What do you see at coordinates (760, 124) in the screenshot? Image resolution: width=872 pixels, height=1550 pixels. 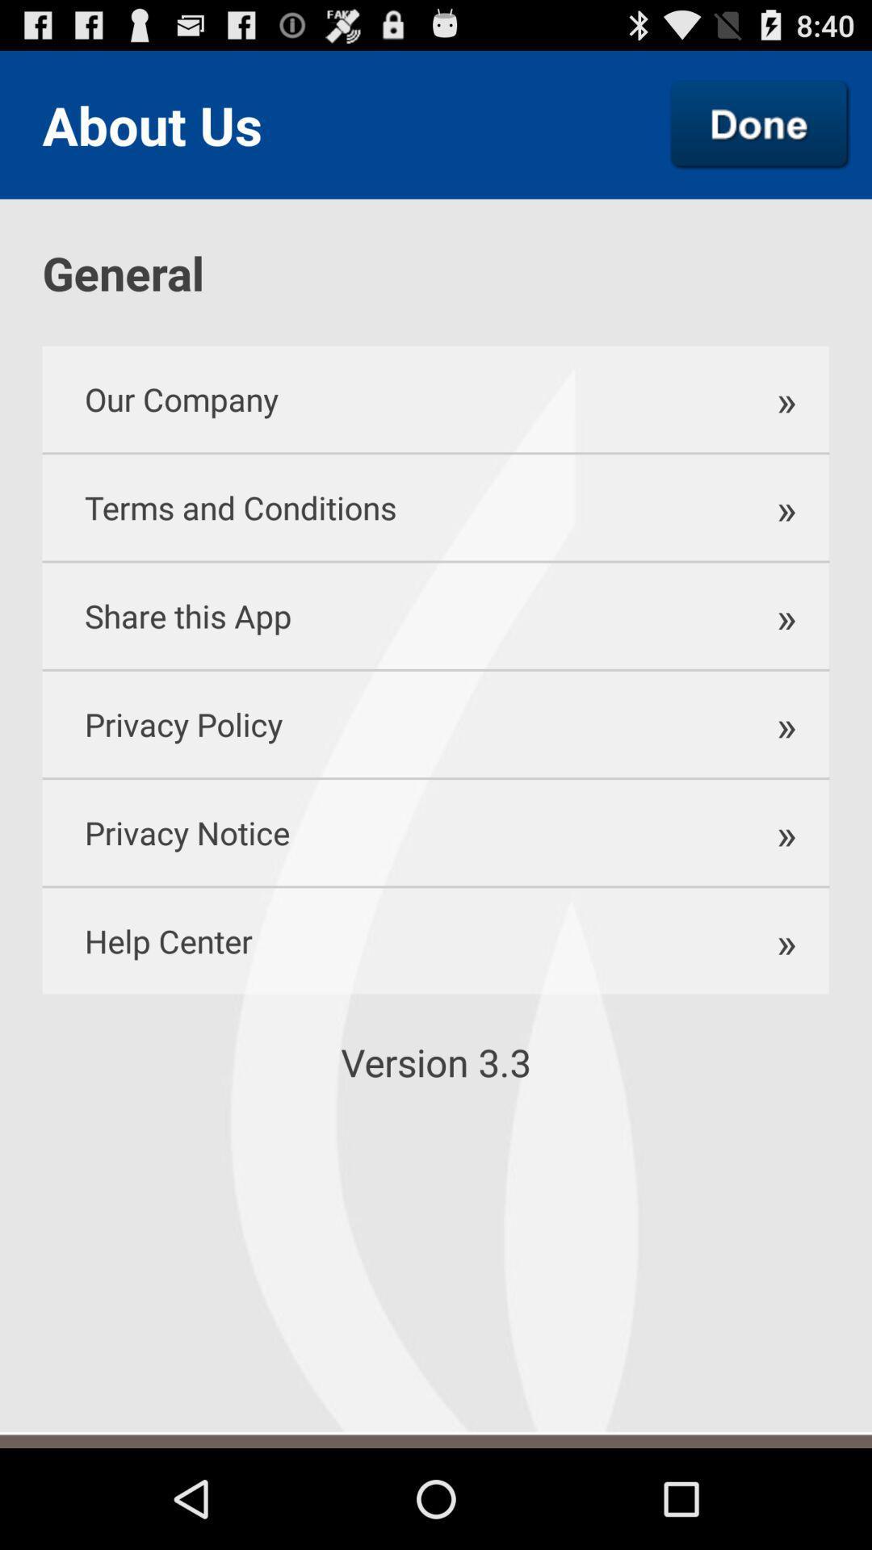 I see `done` at bounding box center [760, 124].